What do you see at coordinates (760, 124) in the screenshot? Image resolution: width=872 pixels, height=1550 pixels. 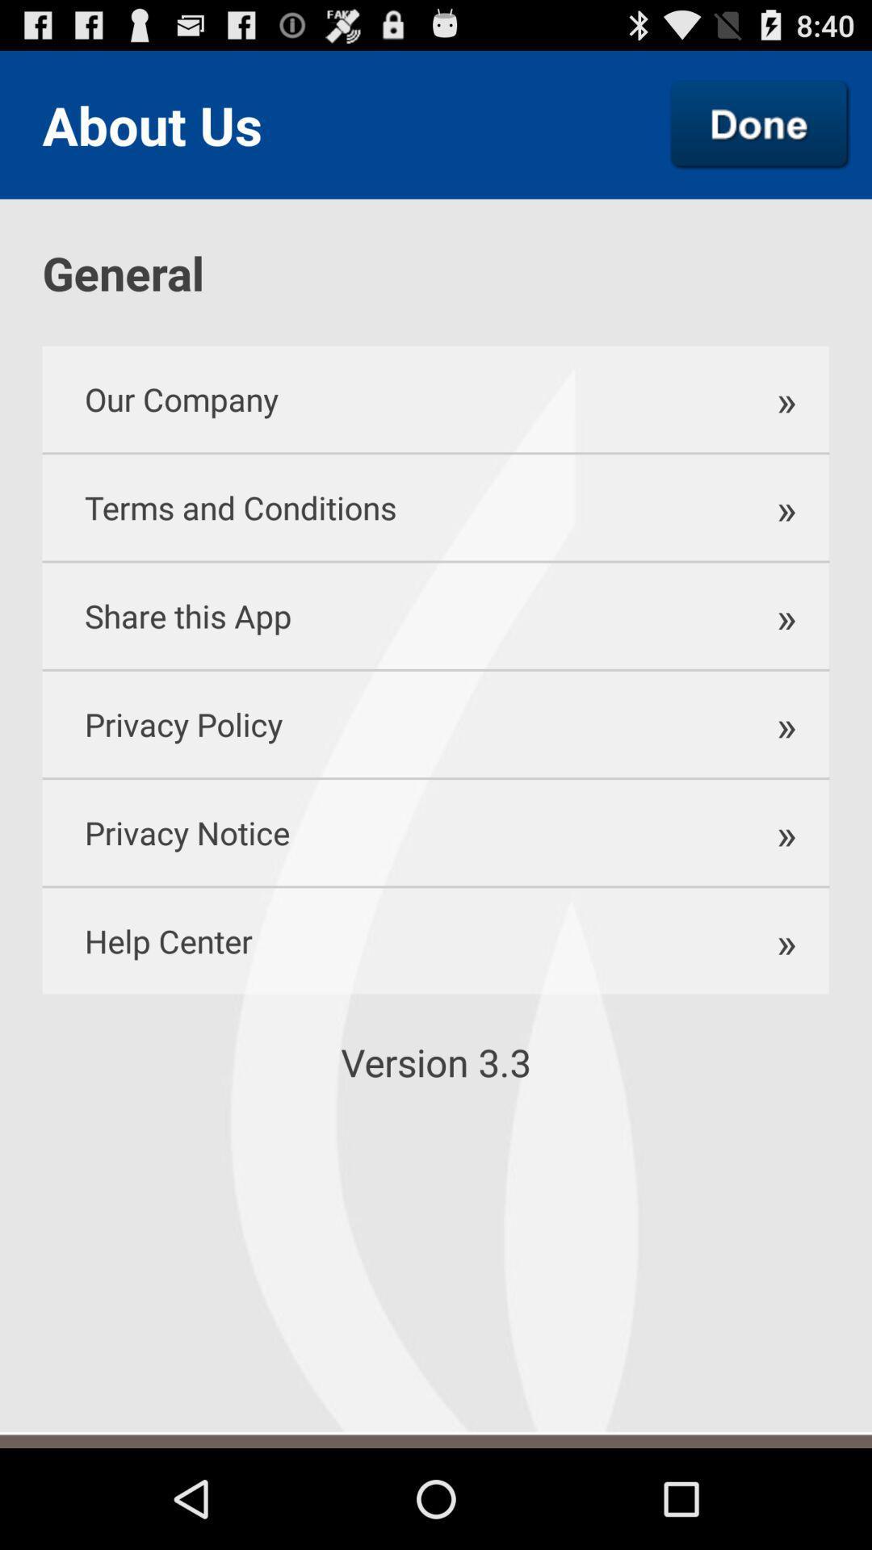 I see `done` at bounding box center [760, 124].